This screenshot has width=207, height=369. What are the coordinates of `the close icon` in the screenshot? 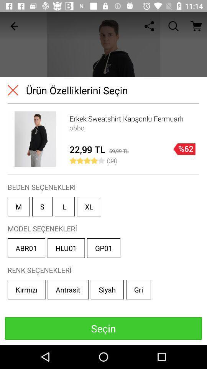 It's located at (12, 90).